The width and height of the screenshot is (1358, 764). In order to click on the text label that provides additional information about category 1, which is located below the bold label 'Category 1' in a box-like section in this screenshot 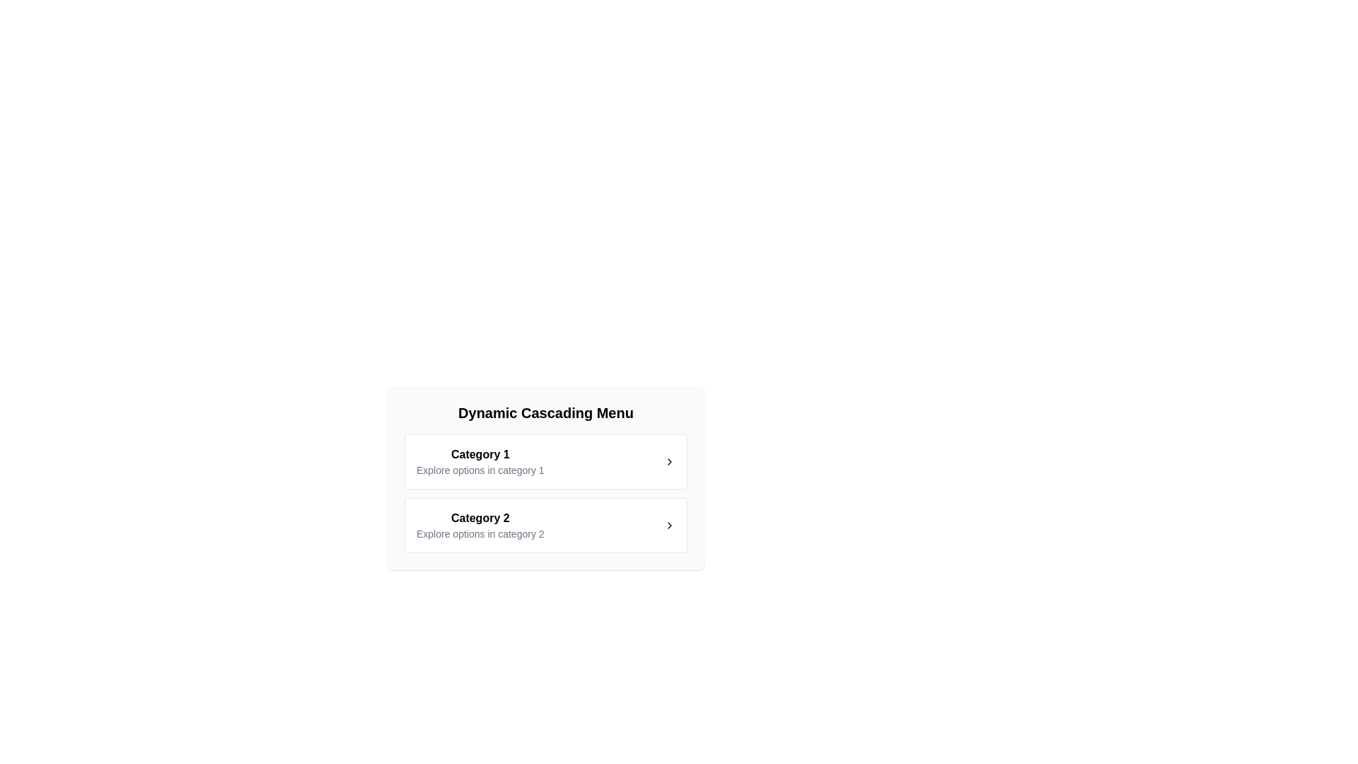, I will do `click(480, 470)`.